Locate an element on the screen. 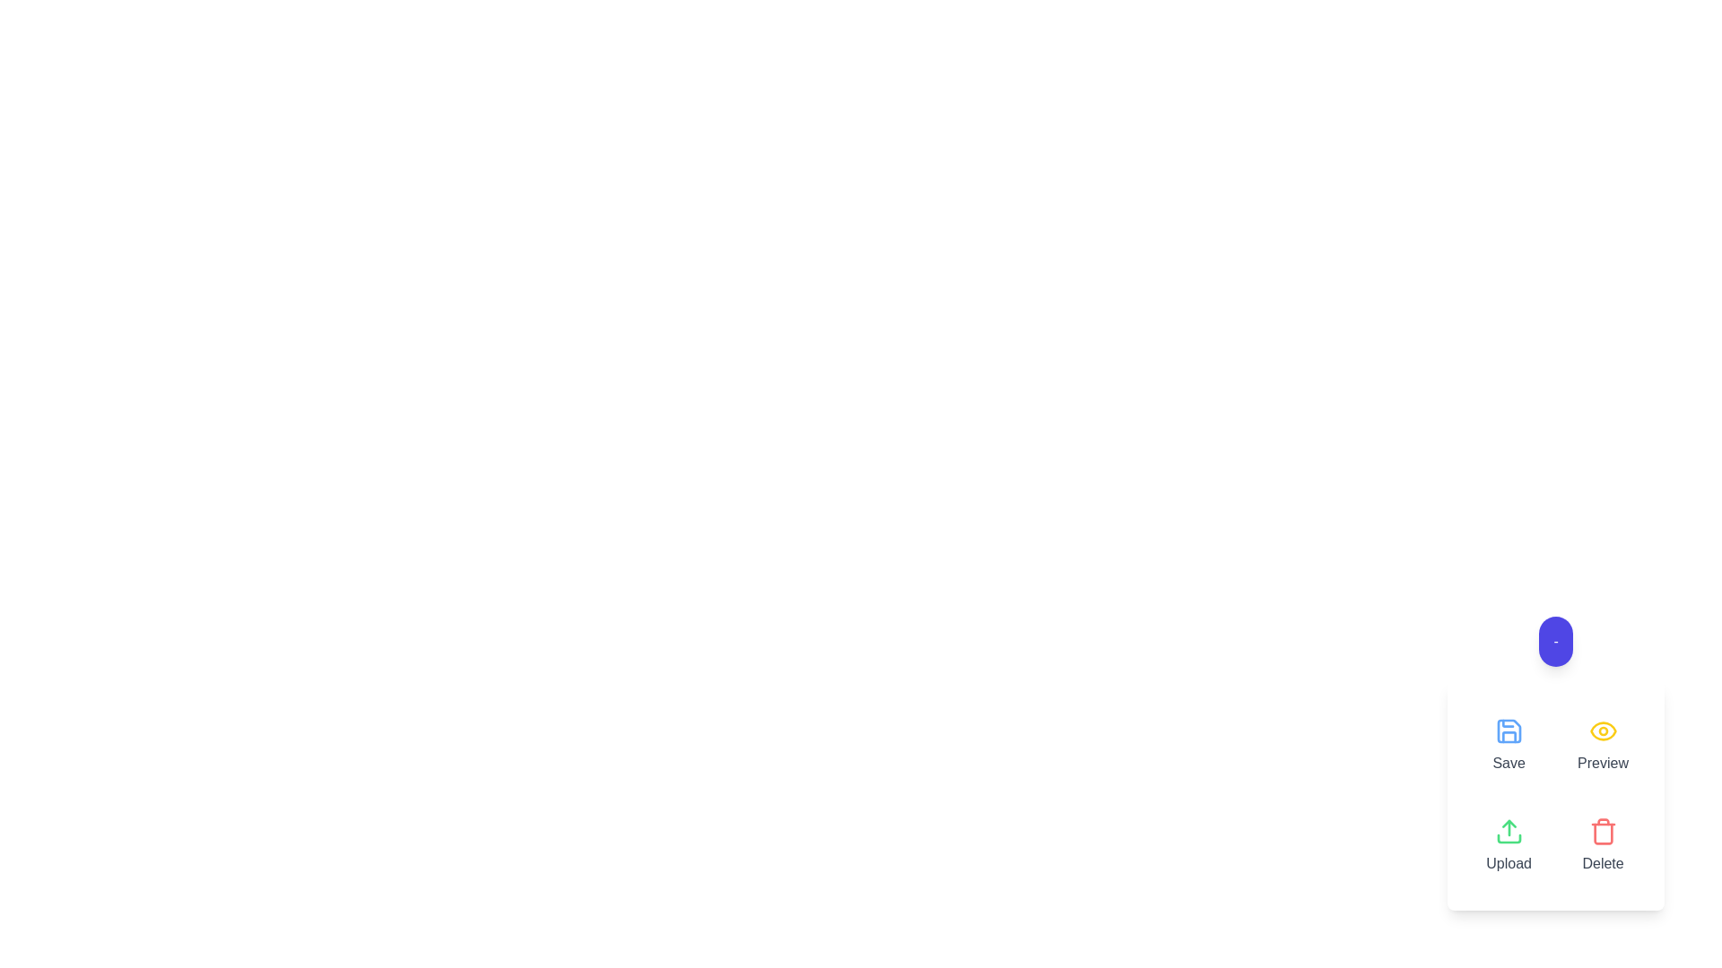 Image resolution: width=1722 pixels, height=968 pixels. the 'Save' button to initiate the save operation is located at coordinates (1508, 746).